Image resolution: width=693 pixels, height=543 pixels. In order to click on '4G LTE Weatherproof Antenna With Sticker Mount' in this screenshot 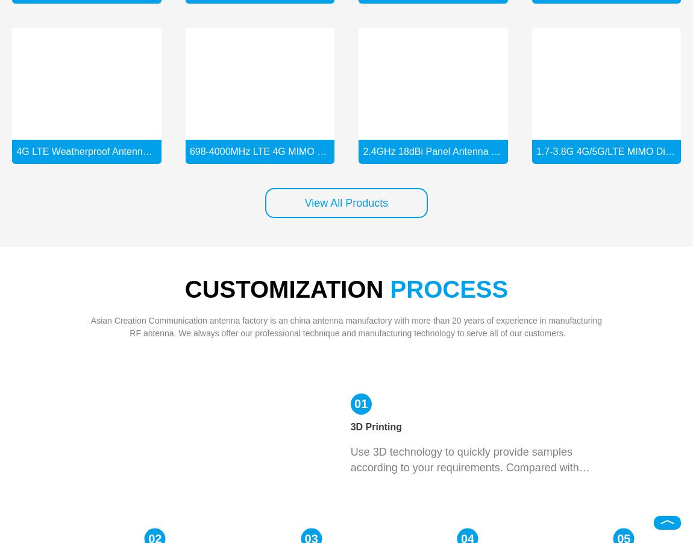, I will do `click(123, 150)`.